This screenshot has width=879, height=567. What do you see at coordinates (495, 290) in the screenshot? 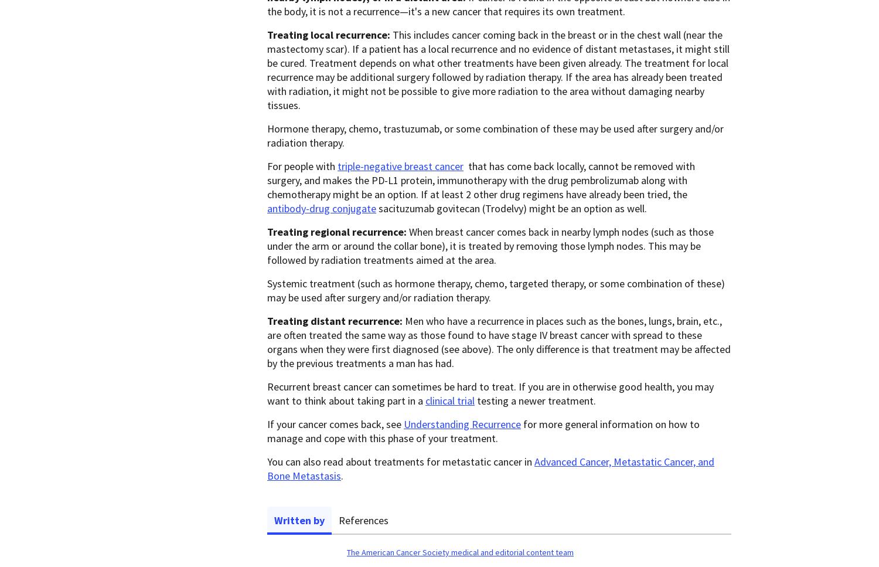
I see `'Systemic treatment (such as hormone therapy, chemo, targeted therapy, or some combination of these) may be used after surgery and/or radiation therapy.'` at bounding box center [495, 290].